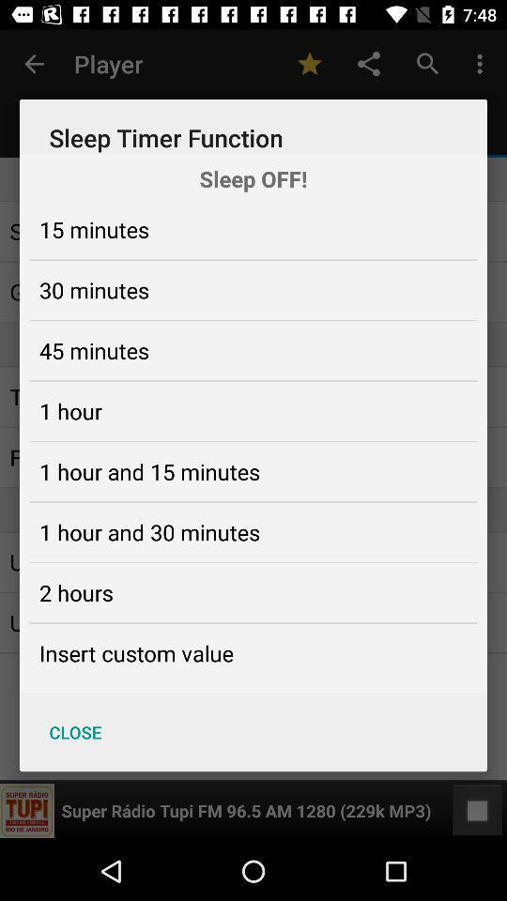  What do you see at coordinates (74, 731) in the screenshot?
I see `the close icon` at bounding box center [74, 731].